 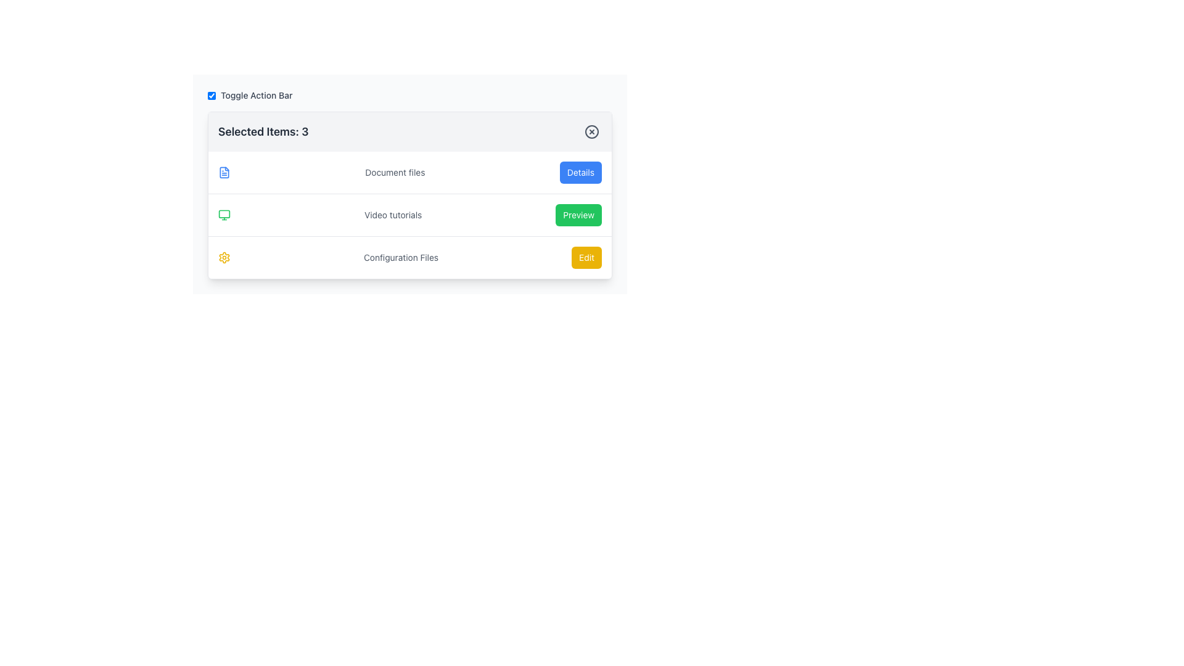 What do you see at coordinates (586, 257) in the screenshot?
I see `the edit button located to the right of the 'Configuration Files' label to initiate the editing action for this item` at bounding box center [586, 257].